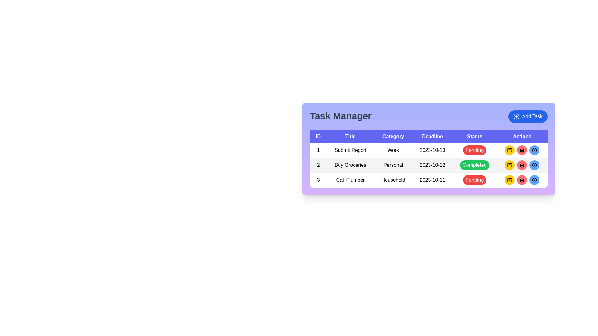 The width and height of the screenshot is (598, 336). Describe the element at coordinates (474, 180) in the screenshot. I see `the 'Pending' status indicator in the last row of the 'Task Manager' table associated with the task 'Call Plumber' to update the task status` at that location.